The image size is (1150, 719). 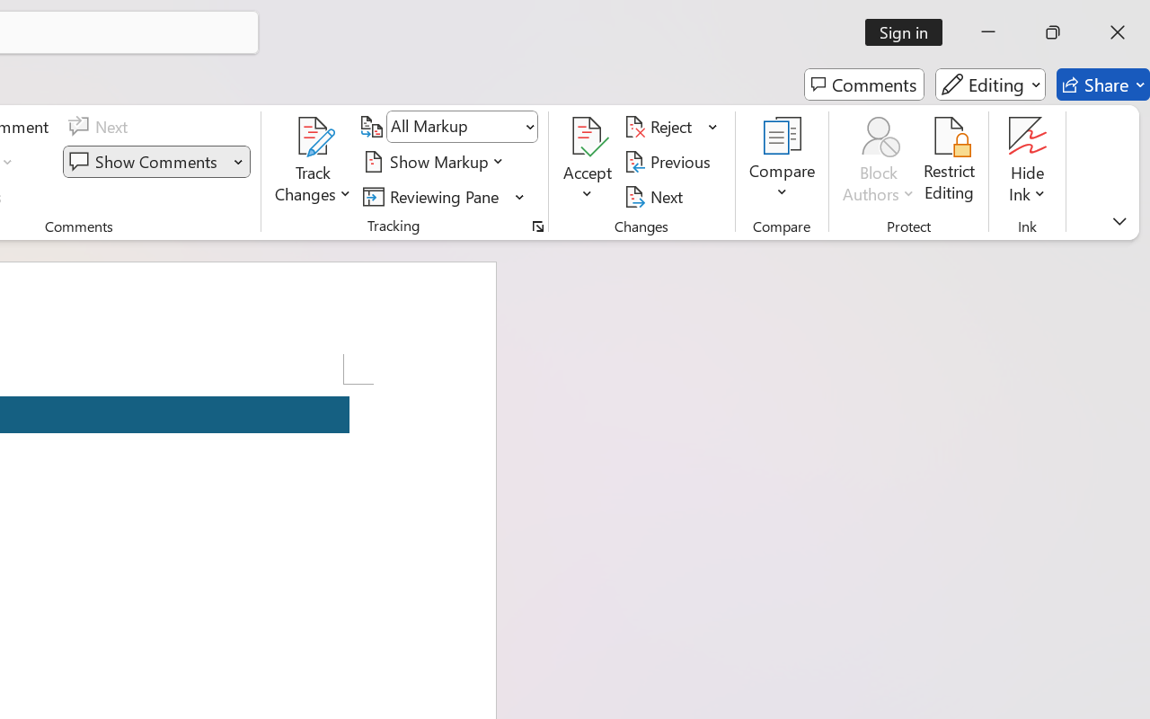 What do you see at coordinates (783, 161) in the screenshot?
I see `'Compare'` at bounding box center [783, 161].